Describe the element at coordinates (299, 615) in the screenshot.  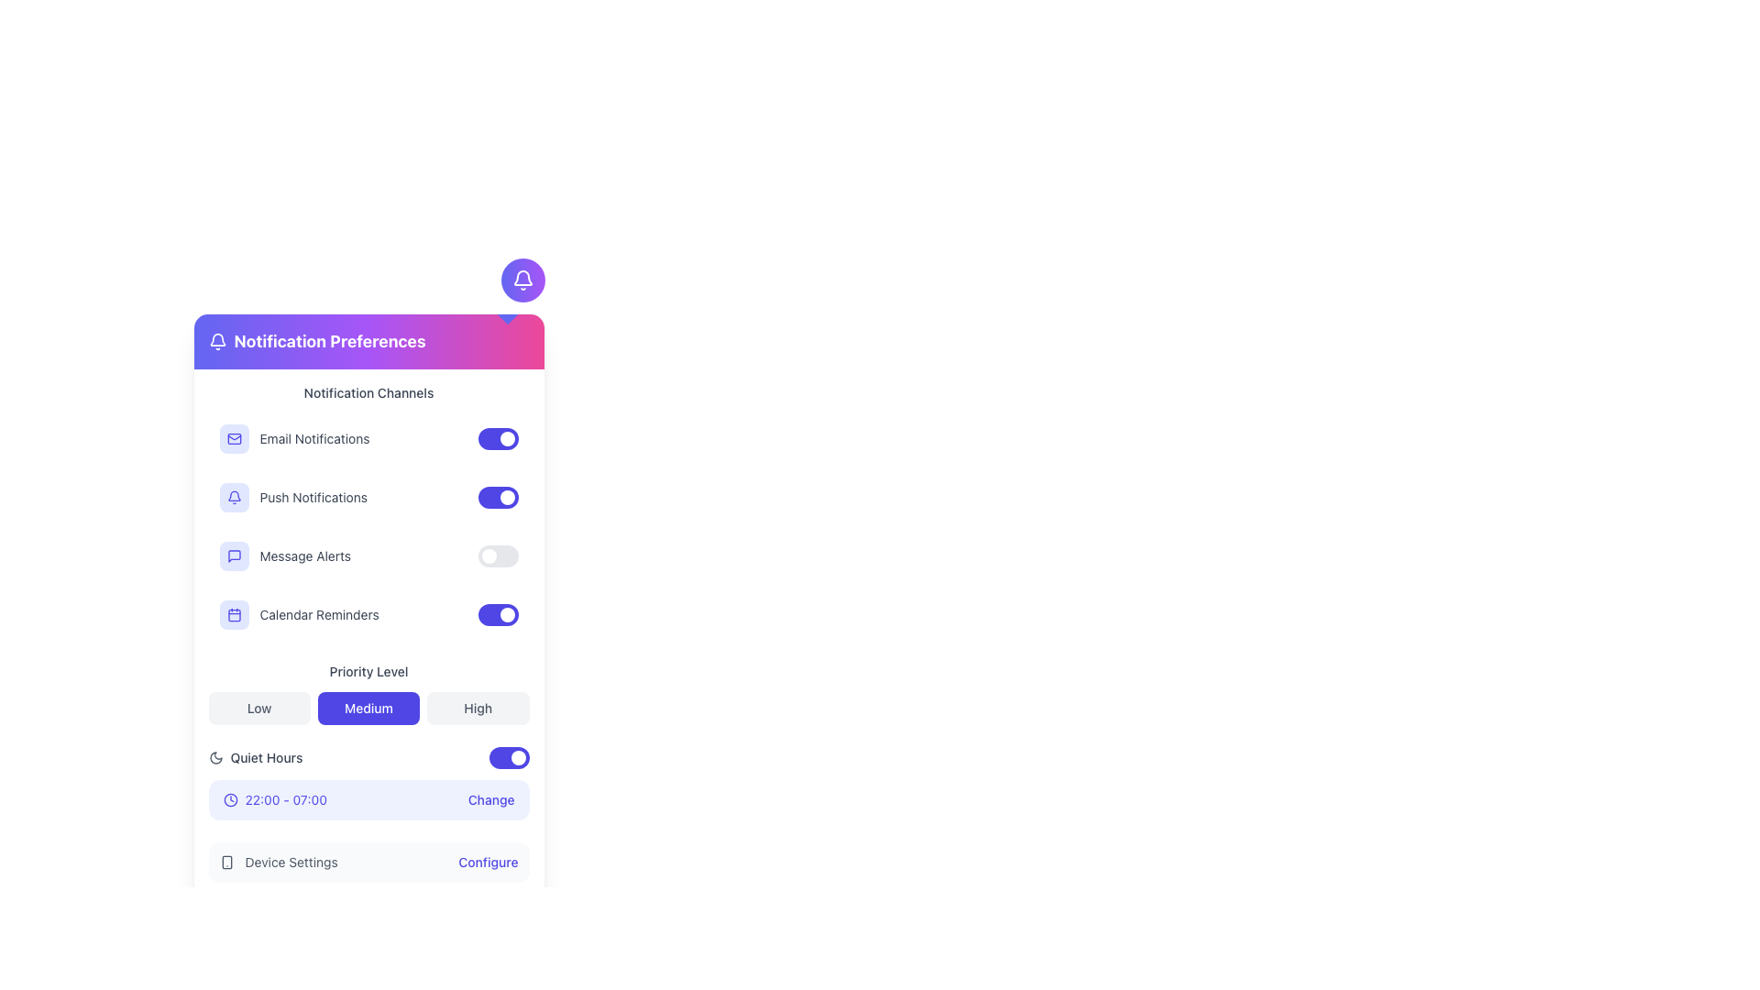
I see `the notification option for calendar reminders located in the 'Notification Preferences' section, which is the fourth item in the 'Notification Channels' list` at that location.